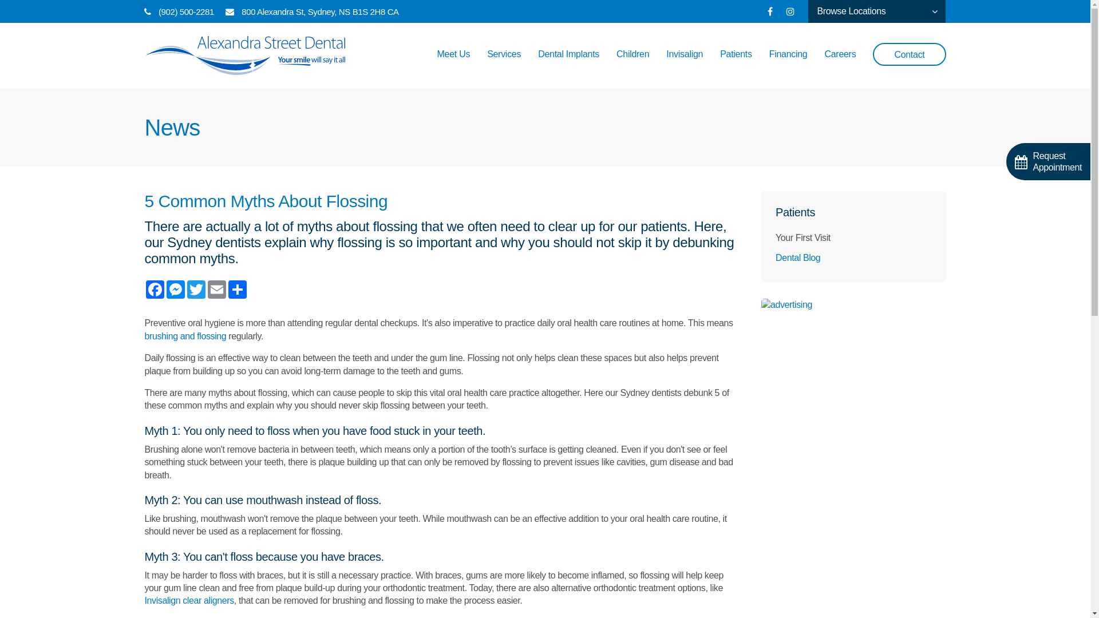 The height and width of the screenshot is (618, 1099). I want to click on 'Financing', so click(788, 66).